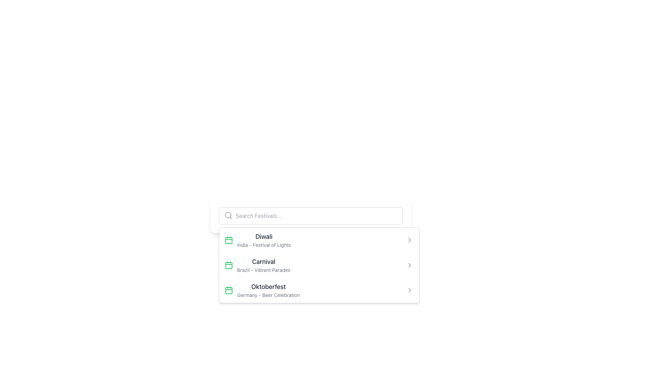  What do you see at coordinates (228, 215) in the screenshot?
I see `styling of the search icon located at the top-left corner of the search bar, adjacent to the input field` at bounding box center [228, 215].